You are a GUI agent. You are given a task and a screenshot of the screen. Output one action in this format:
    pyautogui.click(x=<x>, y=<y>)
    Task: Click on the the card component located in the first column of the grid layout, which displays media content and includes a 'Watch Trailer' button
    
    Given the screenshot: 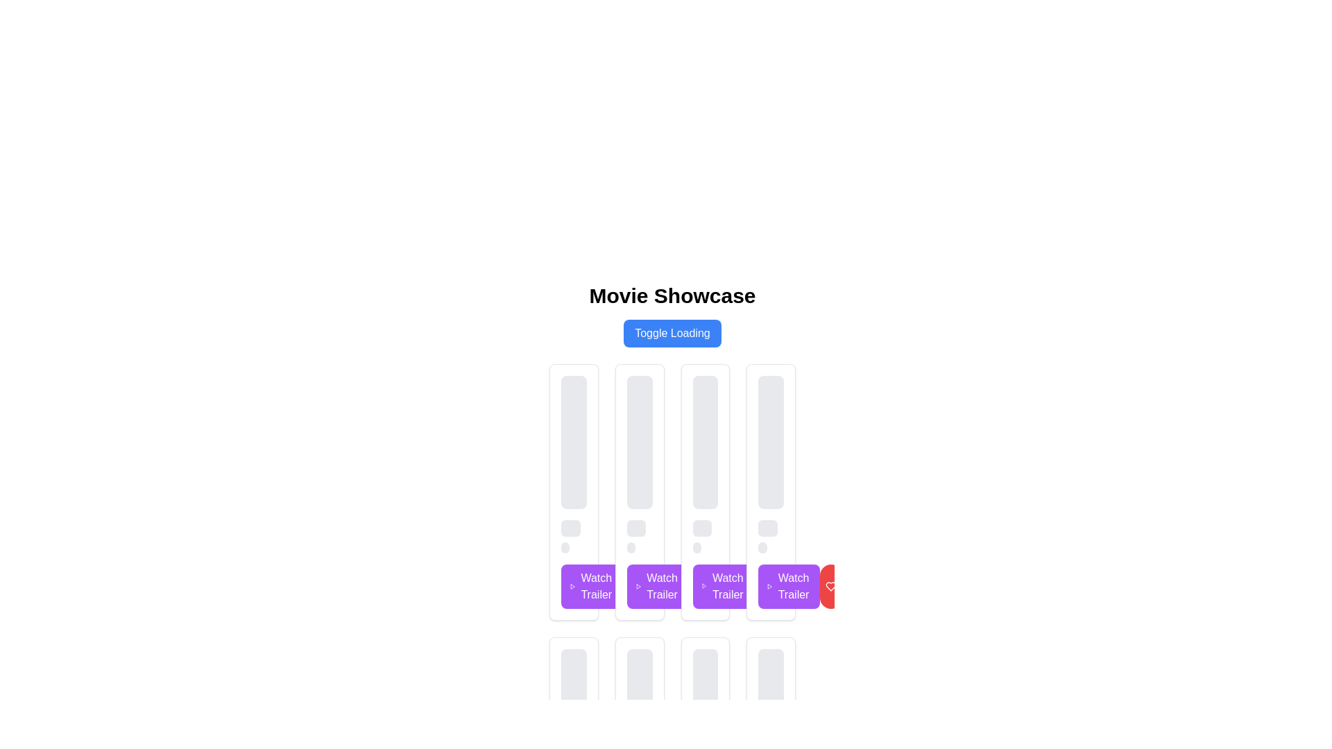 What is the action you would take?
    pyautogui.click(x=574, y=491)
    